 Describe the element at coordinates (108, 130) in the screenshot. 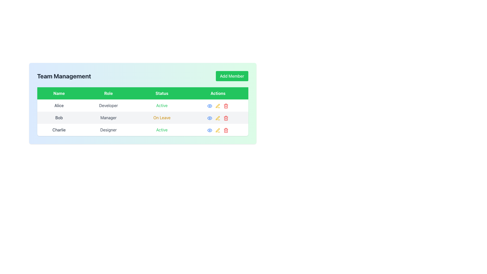

I see `the 'Designer' text label in the 'Role' column of the user 'Charlie' in the table` at that location.